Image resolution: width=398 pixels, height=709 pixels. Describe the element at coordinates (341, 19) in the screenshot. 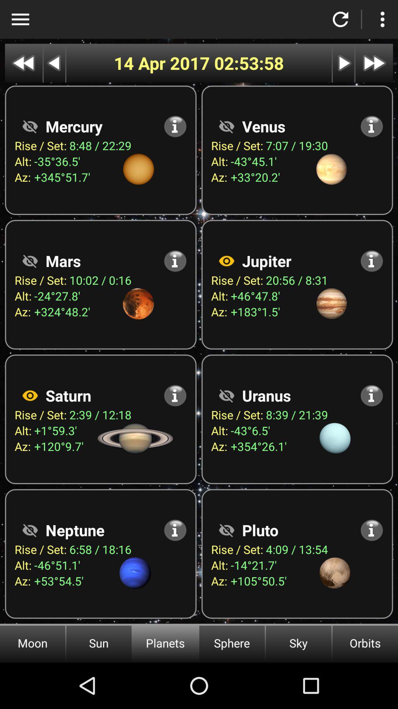

I see `refresh` at that location.